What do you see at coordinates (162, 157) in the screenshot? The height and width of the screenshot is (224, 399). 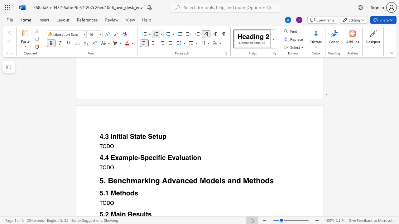 I see `the space between the continuous character "i" and "c" in the text` at bounding box center [162, 157].